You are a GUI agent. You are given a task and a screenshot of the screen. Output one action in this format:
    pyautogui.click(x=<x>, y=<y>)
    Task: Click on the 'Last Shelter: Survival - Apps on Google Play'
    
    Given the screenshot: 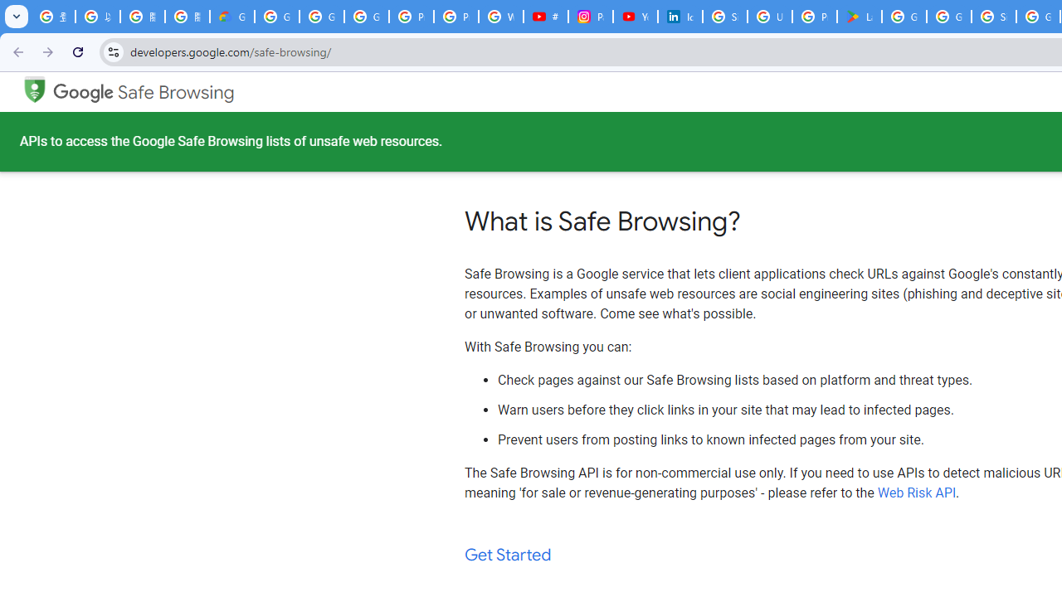 What is the action you would take?
    pyautogui.click(x=860, y=17)
    